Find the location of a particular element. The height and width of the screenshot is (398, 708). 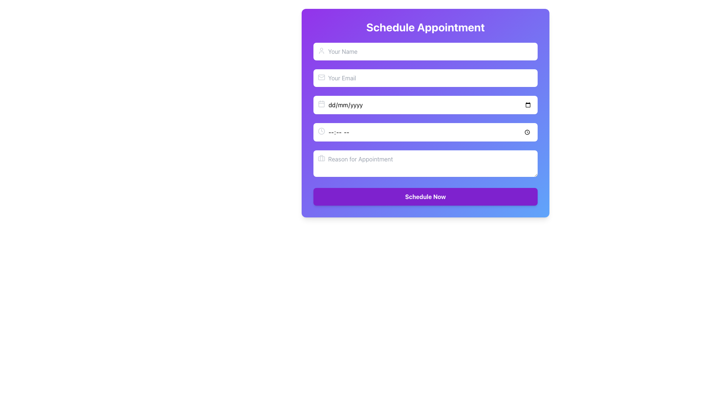

the 'Schedule Now' button, which is a full-width rectangular button with rounded corners, vibrant purple background, and bold white text, located at the bottom of a vertically aligned form after the 'Reason for Appointment' text box is located at coordinates (425, 196).